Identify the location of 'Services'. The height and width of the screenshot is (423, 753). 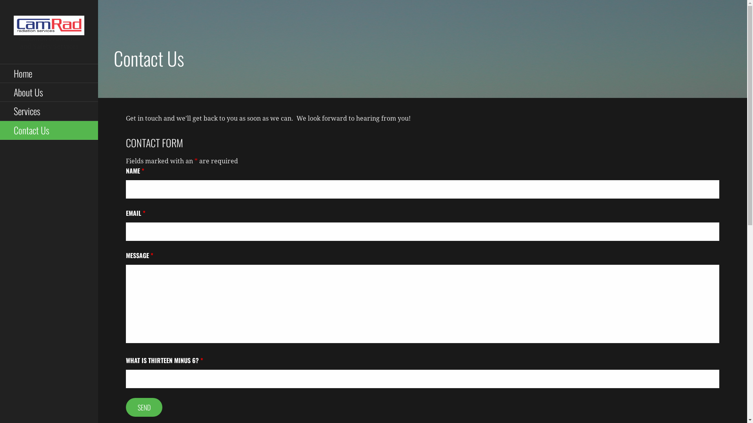
(48, 111).